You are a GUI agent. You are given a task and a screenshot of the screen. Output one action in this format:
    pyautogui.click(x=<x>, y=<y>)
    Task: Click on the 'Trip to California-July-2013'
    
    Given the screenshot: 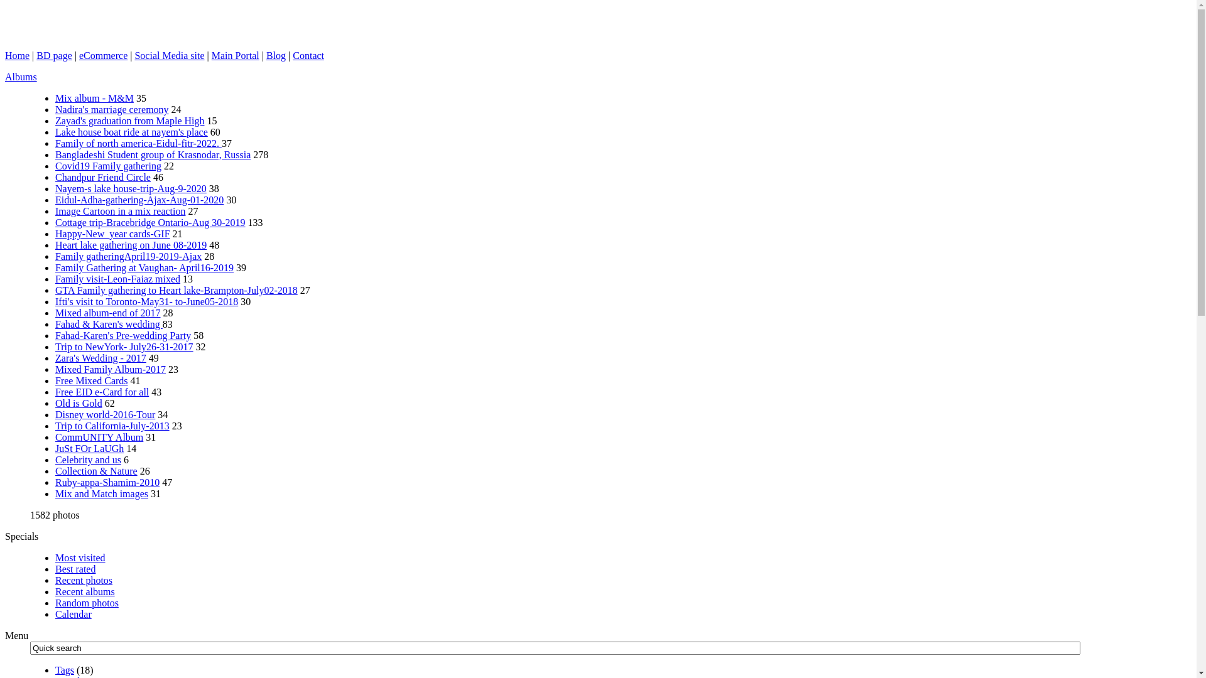 What is the action you would take?
    pyautogui.click(x=112, y=425)
    